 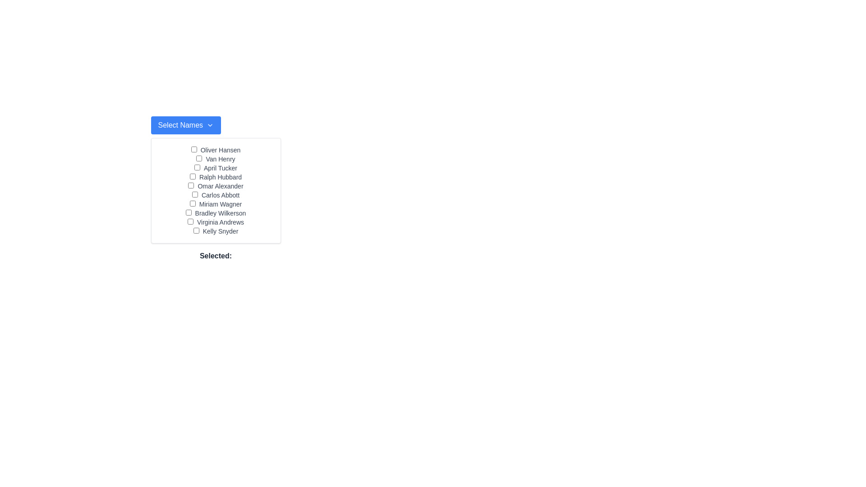 What do you see at coordinates (185, 125) in the screenshot?
I see `the blue rectangular button labeled 'Select Names' with a white downward arrow icon` at bounding box center [185, 125].